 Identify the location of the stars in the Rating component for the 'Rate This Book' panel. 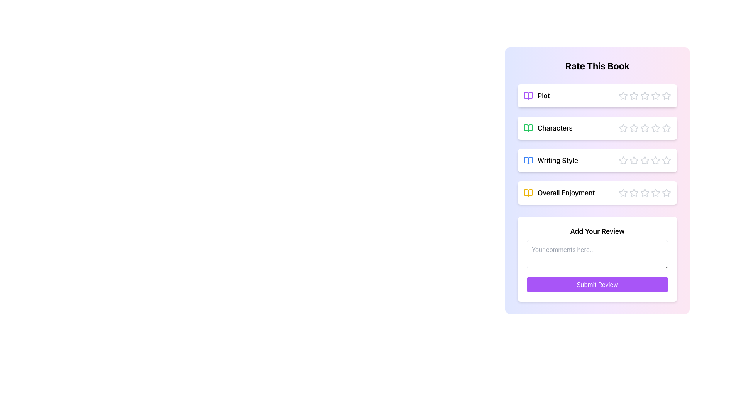
(597, 160).